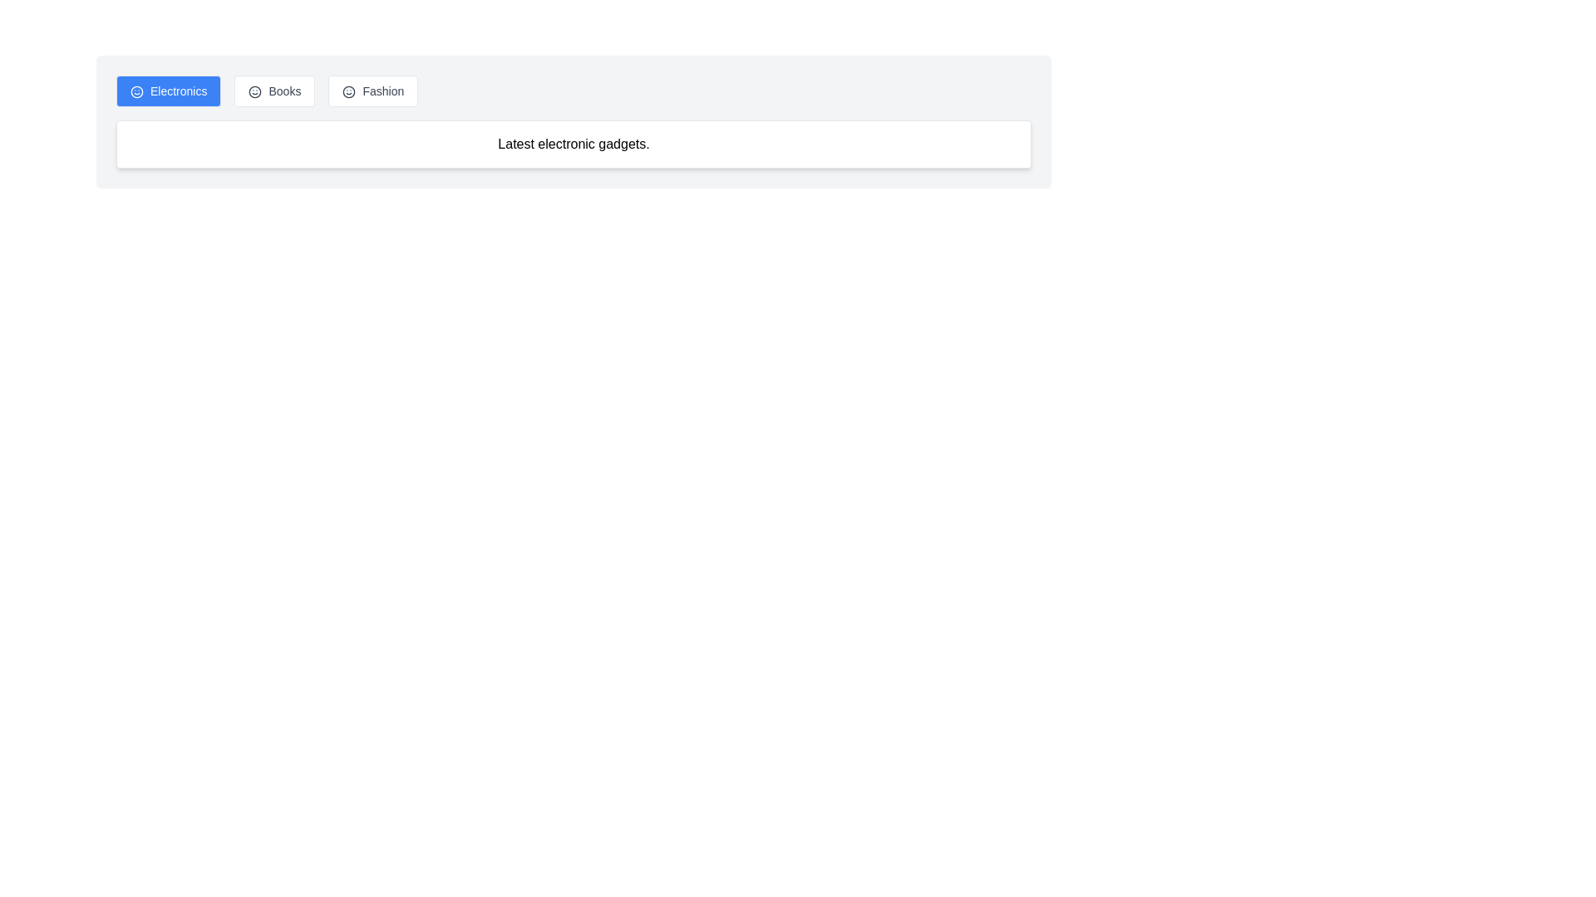 Image resolution: width=1596 pixels, height=897 pixels. Describe the element at coordinates (136, 92) in the screenshot. I see `the circular SVG component that is part of the icon on the 'Electronics' button located in the leftmost button of the horizontal row of category buttons` at that location.